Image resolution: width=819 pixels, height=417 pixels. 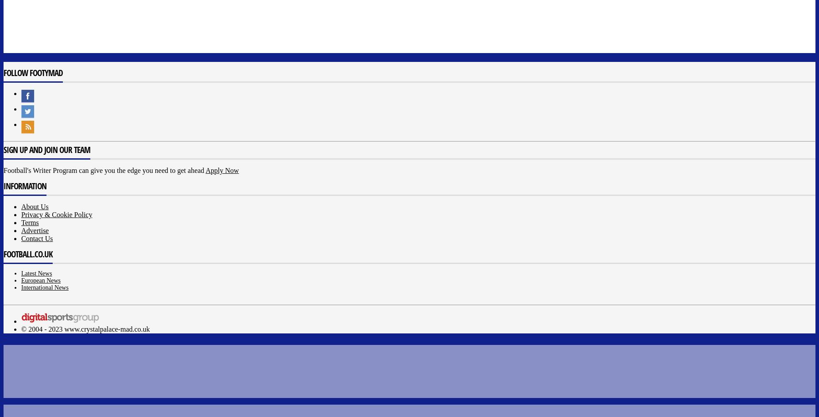 What do you see at coordinates (85, 329) in the screenshot?
I see `'© 2004 - 2023 www.crystalpalace-mad.co.uk'` at bounding box center [85, 329].